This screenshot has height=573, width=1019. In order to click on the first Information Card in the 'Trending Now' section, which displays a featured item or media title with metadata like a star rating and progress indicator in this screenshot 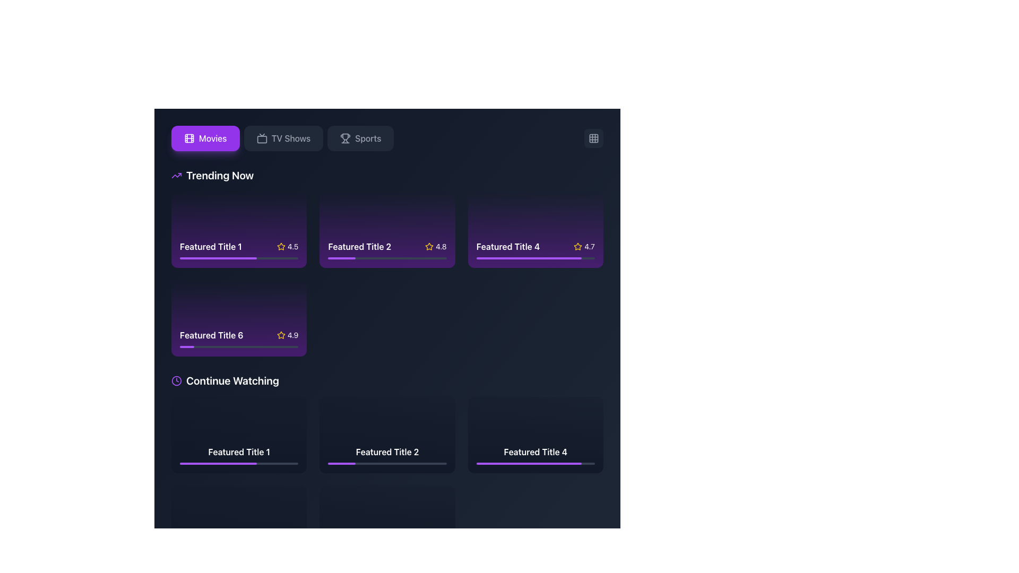, I will do `click(238, 249)`.